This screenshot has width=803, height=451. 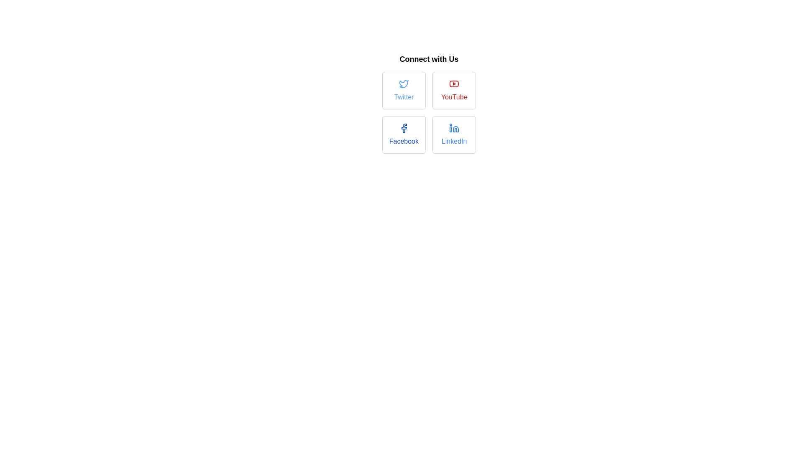 What do you see at coordinates (404, 84) in the screenshot?
I see `the Twitter icon located in the top-left square of a 2x2 grid layout of connect buttons` at bounding box center [404, 84].